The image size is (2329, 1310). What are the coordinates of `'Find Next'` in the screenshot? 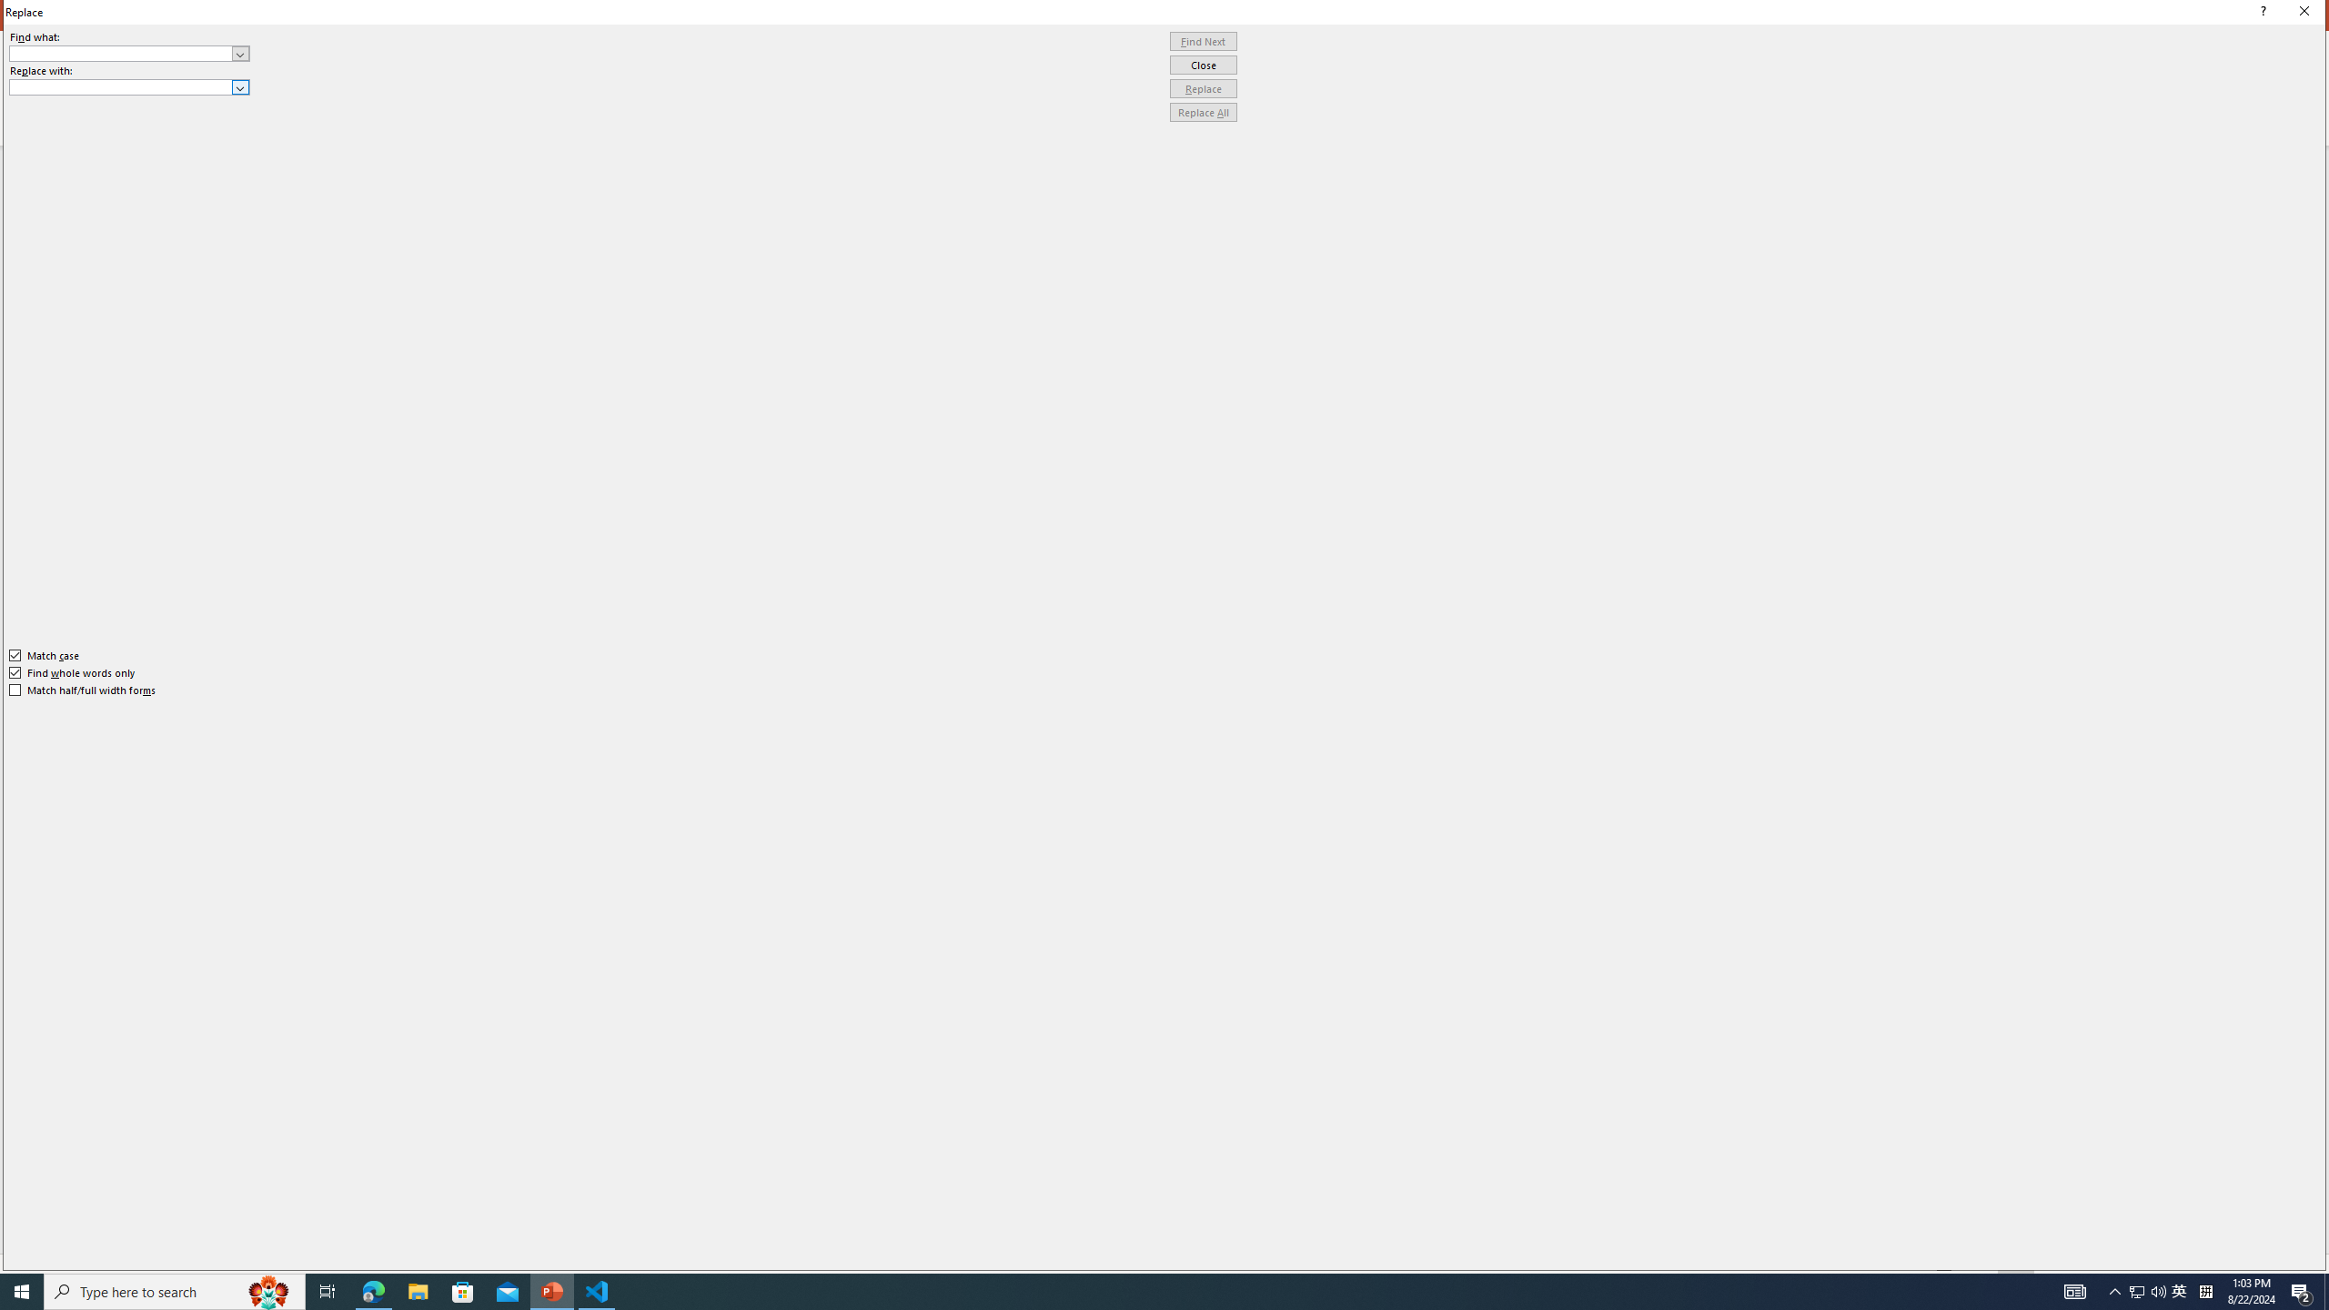 It's located at (1203, 41).